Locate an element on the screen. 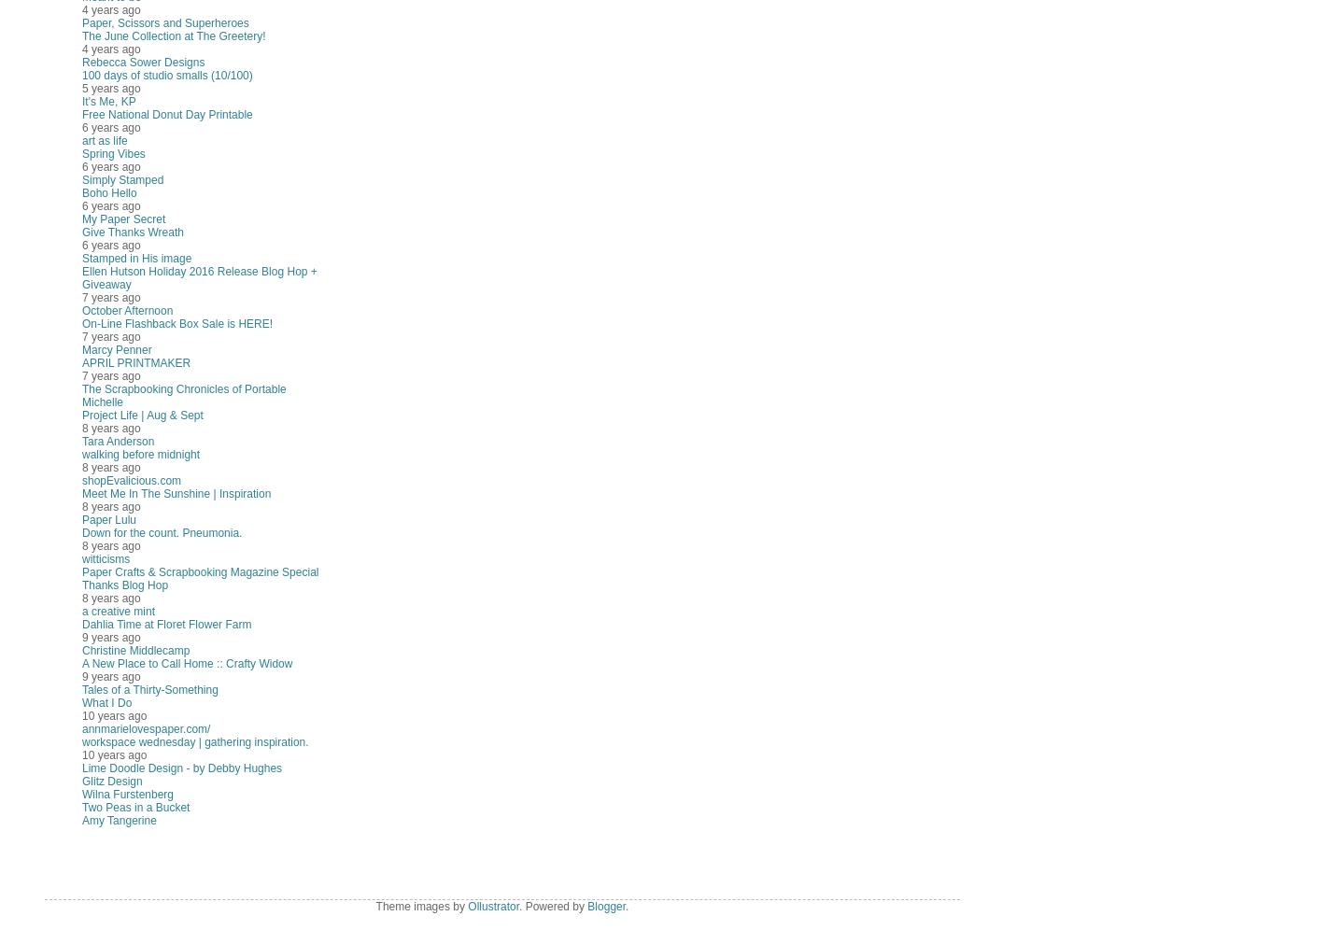 The width and height of the screenshot is (1326, 930). 'Blogger' is located at coordinates (605, 906).